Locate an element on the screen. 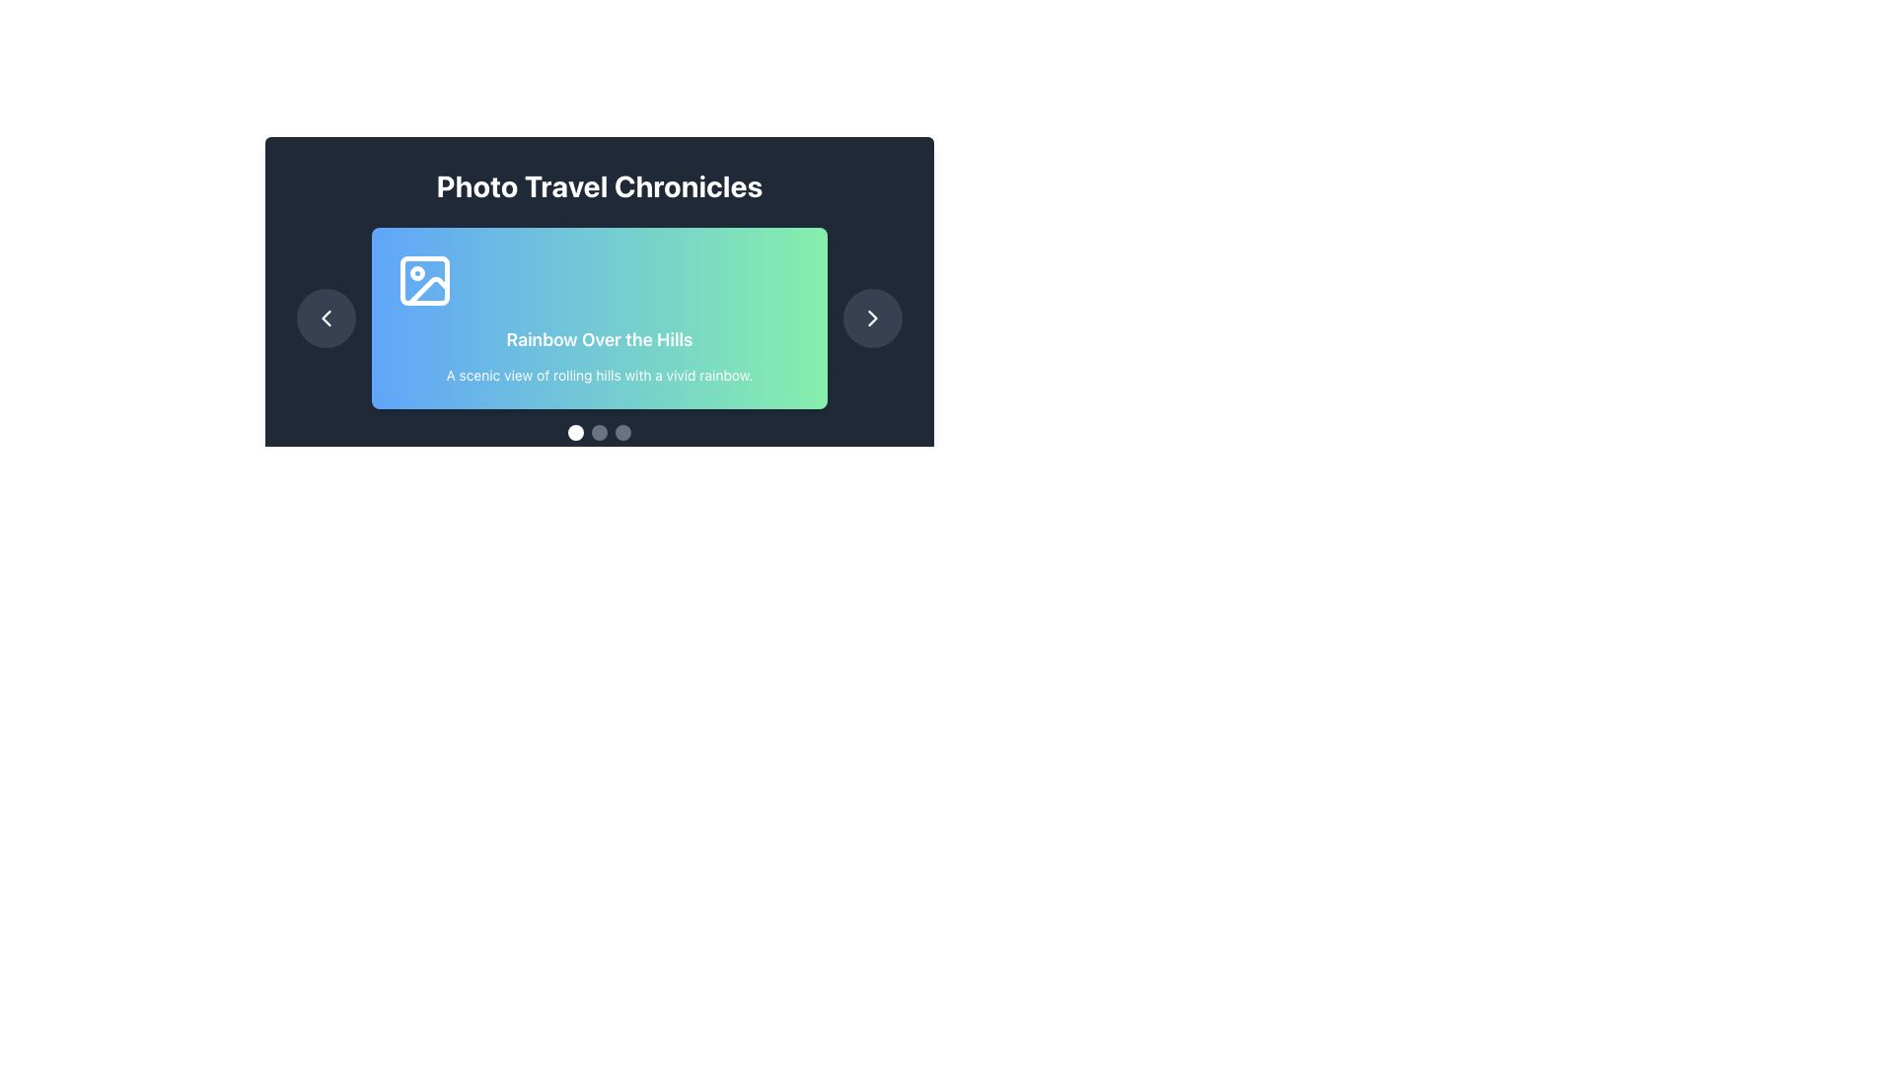 Image resolution: width=1894 pixels, height=1065 pixels. the rightward arrow icon within the carousel component is located at coordinates (871, 318).